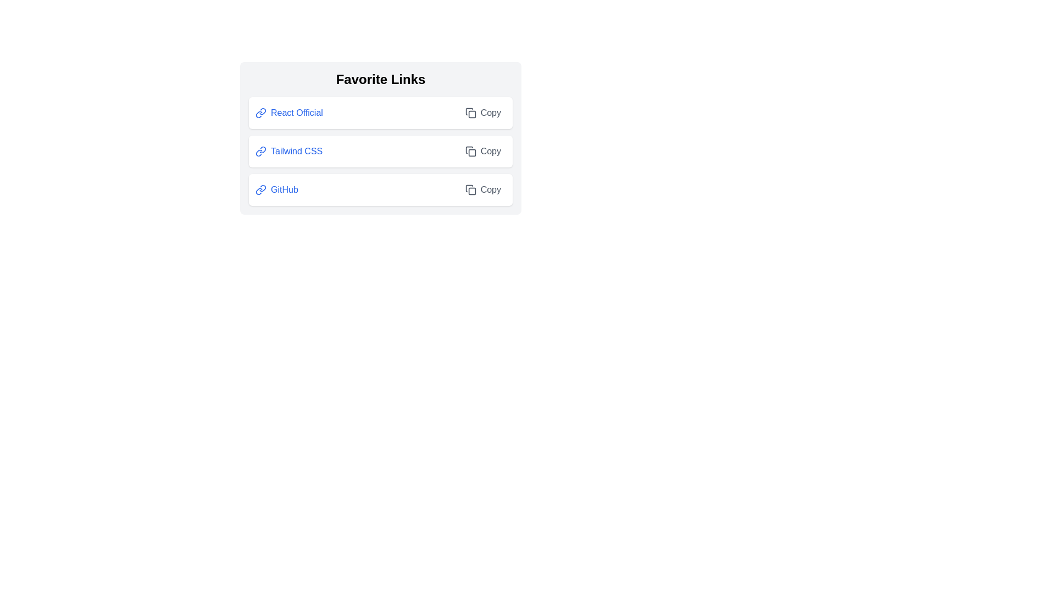  I want to click on the 'GitHub' link text, which is styled in blue and is the third item in the 'Favorite Links' section, to follow the link, so click(284, 189).